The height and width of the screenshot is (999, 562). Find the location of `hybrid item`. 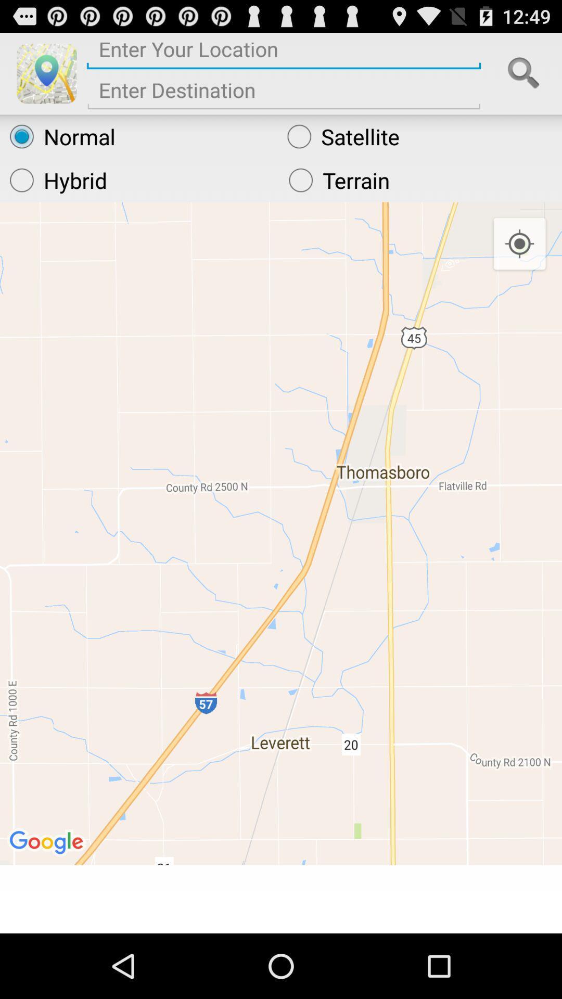

hybrid item is located at coordinates (139, 180).